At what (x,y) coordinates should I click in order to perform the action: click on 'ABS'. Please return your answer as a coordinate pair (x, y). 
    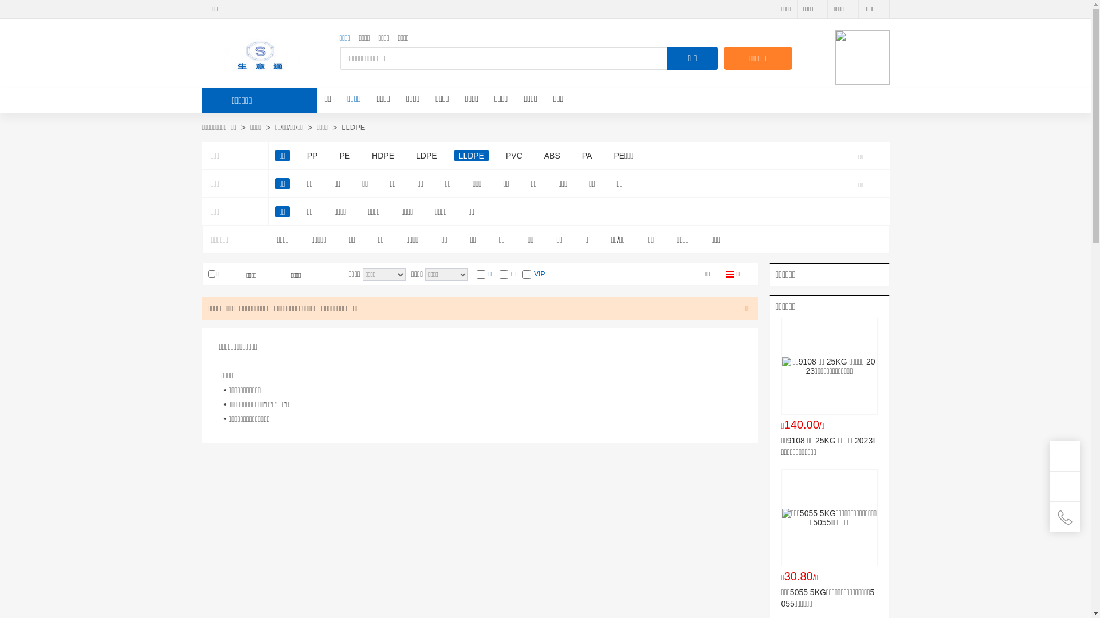
    Looking at the image, I should click on (552, 156).